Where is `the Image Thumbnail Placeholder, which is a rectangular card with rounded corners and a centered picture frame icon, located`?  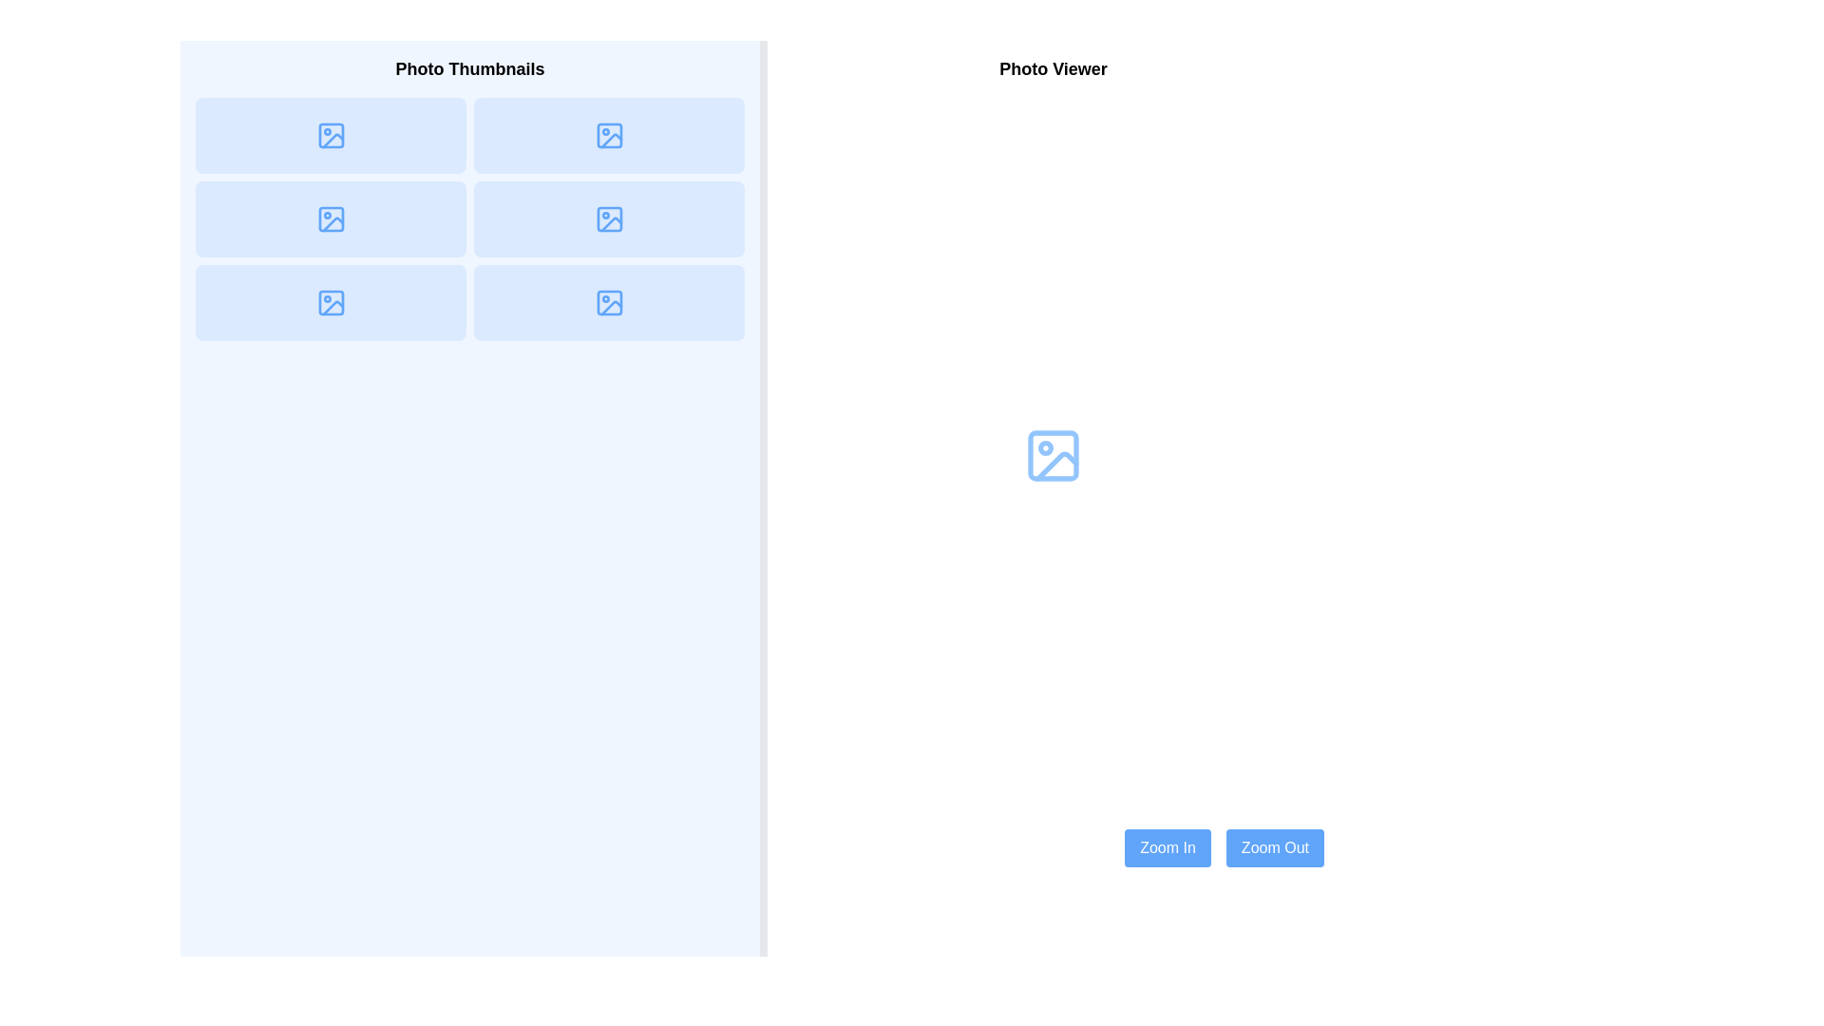 the Image Thumbnail Placeholder, which is a rectangular card with rounded corners and a centered picture frame icon, located is located at coordinates (331, 218).